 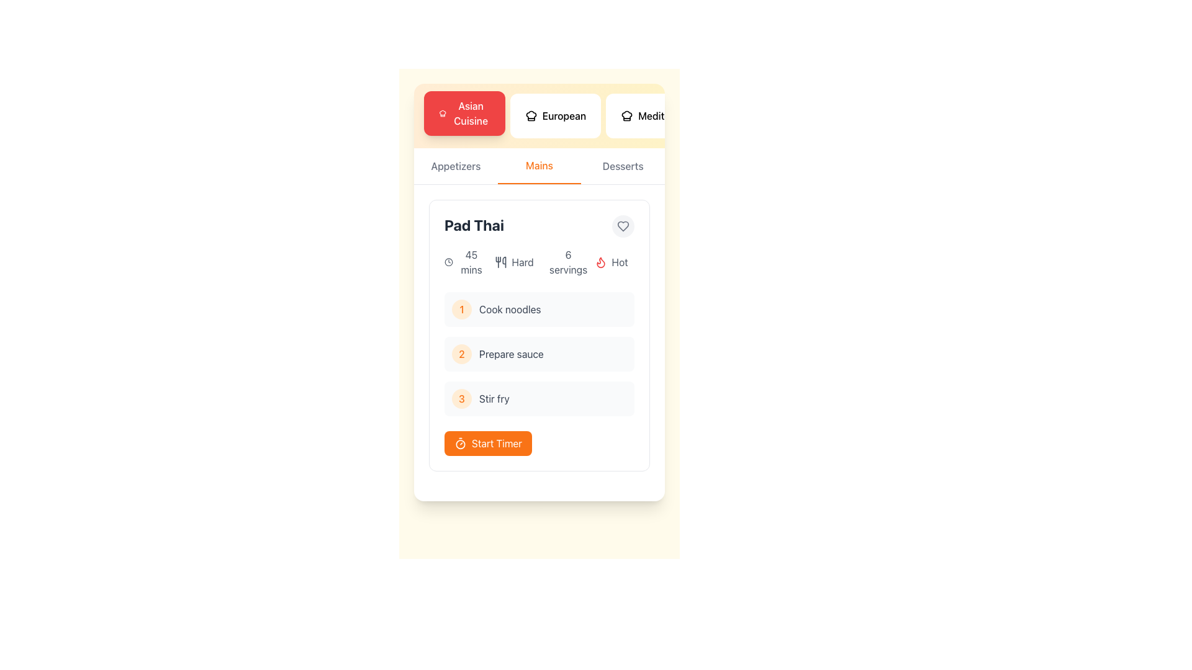 What do you see at coordinates (539, 164) in the screenshot?
I see `text of the active navigation label indicating 'Mains' in the interactive navigation tab` at bounding box center [539, 164].